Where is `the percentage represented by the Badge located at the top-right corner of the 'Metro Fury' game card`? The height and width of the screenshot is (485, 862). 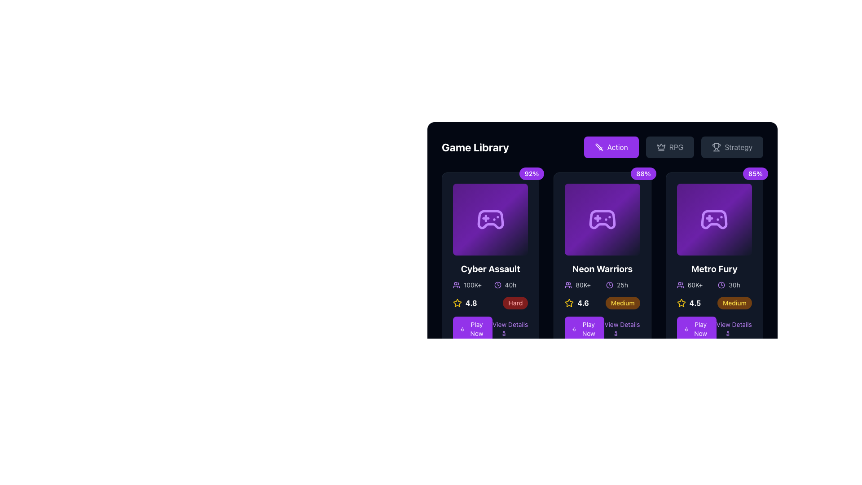 the percentage represented by the Badge located at the top-right corner of the 'Metro Fury' game card is located at coordinates (755, 173).